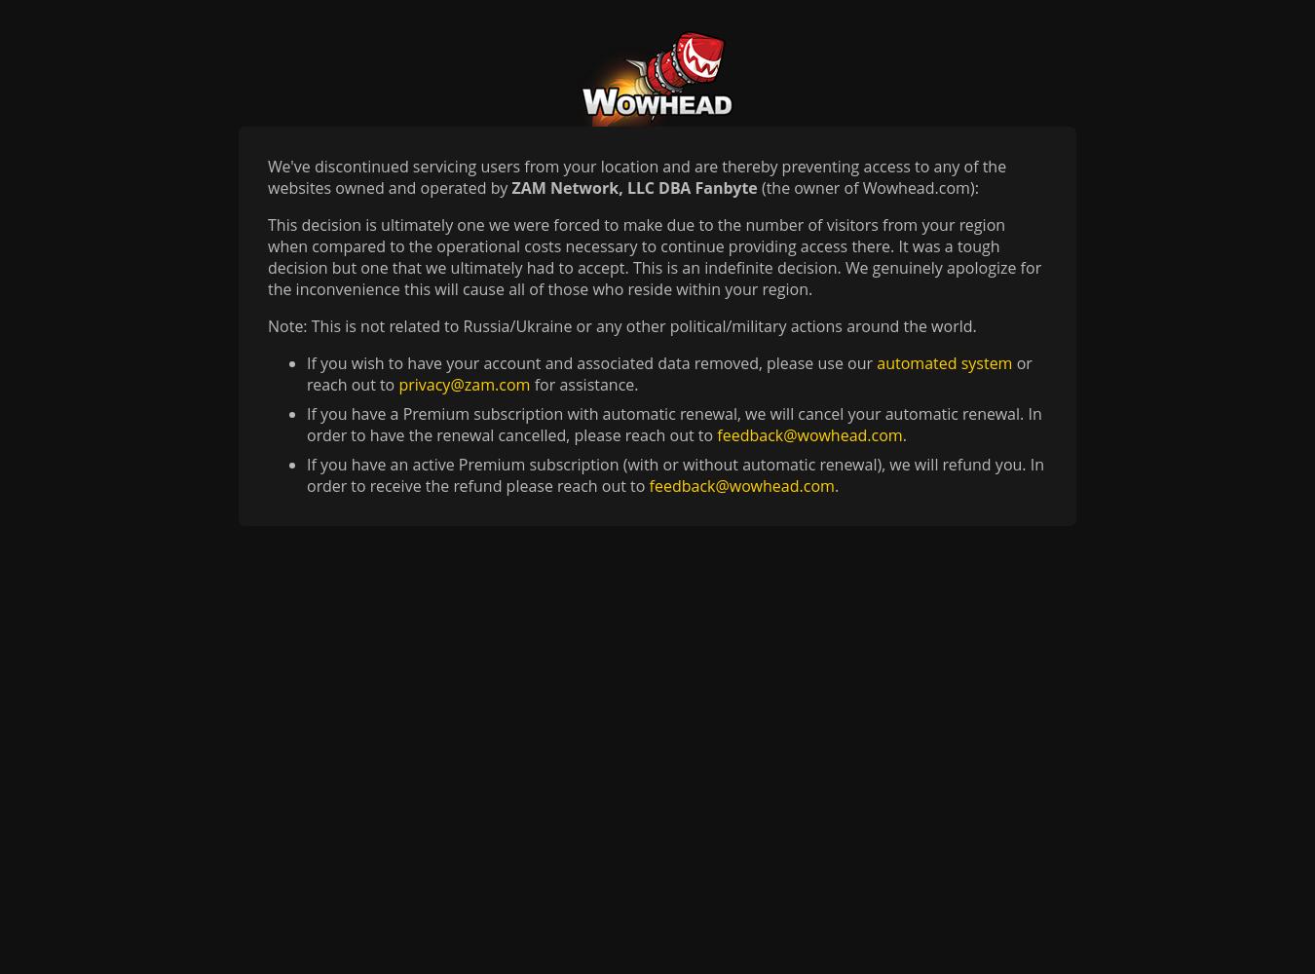 The height and width of the screenshot is (974, 1315). Describe the element at coordinates (943, 362) in the screenshot. I see `'automated system'` at that location.